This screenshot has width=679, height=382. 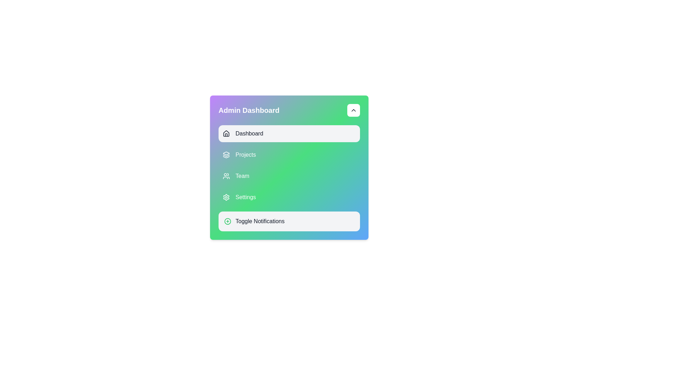 I want to click on the triangular icon located at the topmost position of three layered objects in the top-right corner of the card-like layout, so click(x=226, y=153).